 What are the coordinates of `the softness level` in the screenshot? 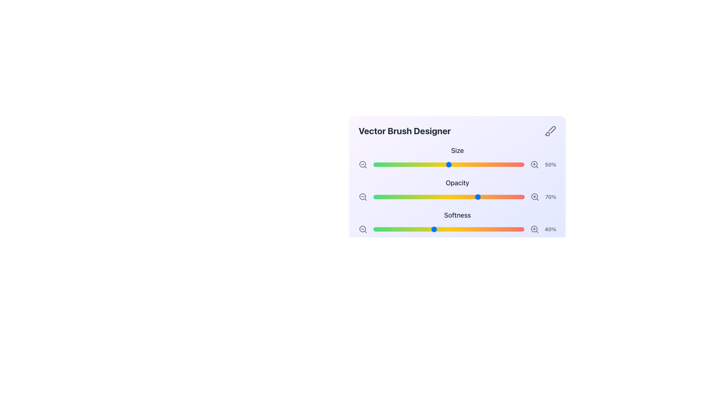 It's located at (409, 229).